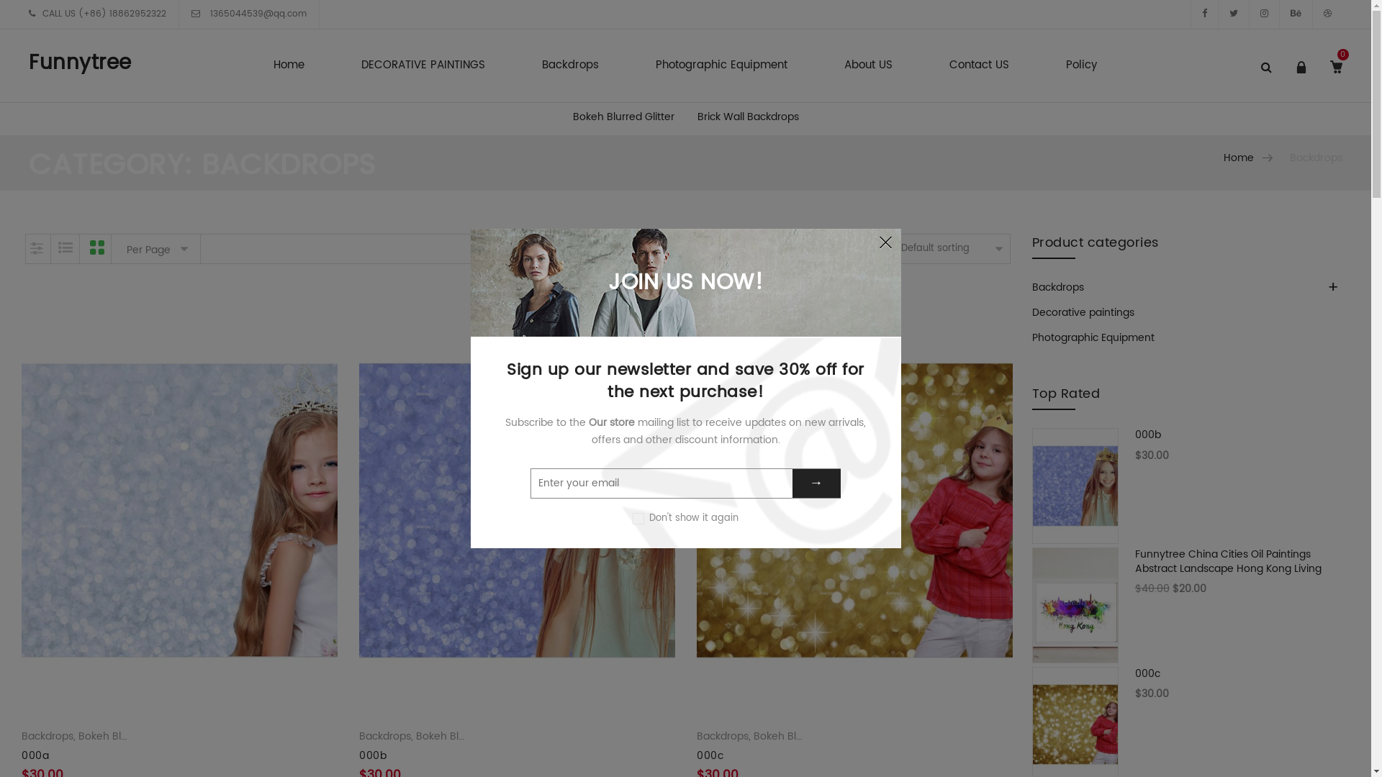 The width and height of the screenshot is (1382, 777). Describe the element at coordinates (747, 116) in the screenshot. I see `'Brick Wall Backdrops'` at that location.